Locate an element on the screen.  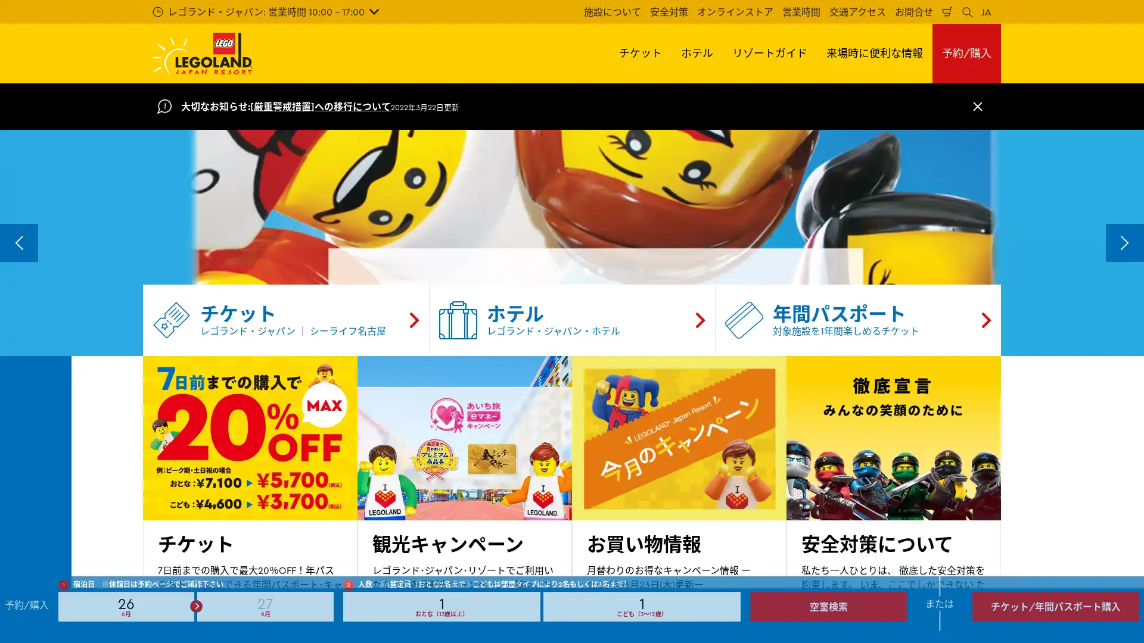
Go to slide 5 is located at coordinates (601, 507).